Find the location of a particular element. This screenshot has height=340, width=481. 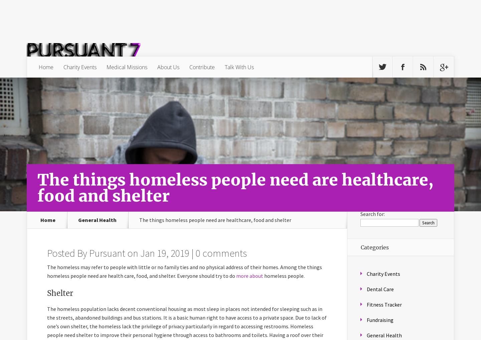

'Posted By' is located at coordinates (68, 253).